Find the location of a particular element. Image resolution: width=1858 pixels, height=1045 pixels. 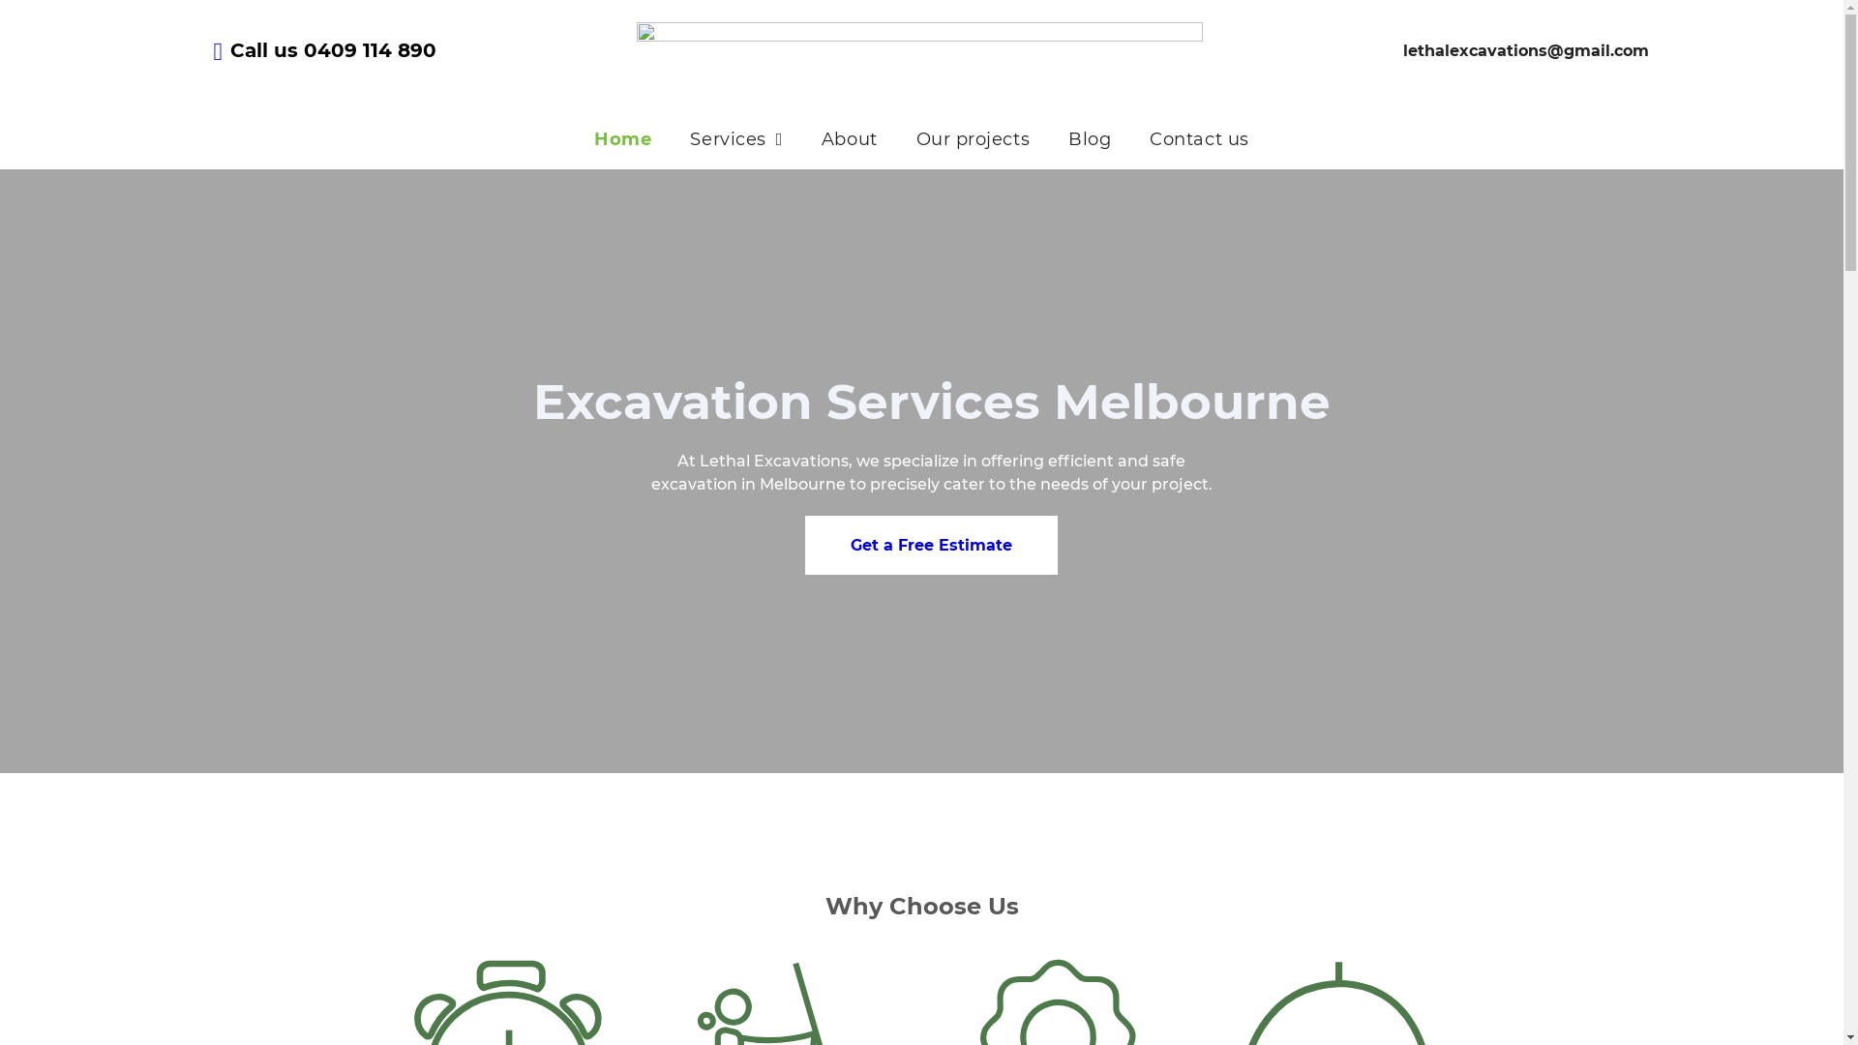

'Blog' is located at coordinates (1090, 138).